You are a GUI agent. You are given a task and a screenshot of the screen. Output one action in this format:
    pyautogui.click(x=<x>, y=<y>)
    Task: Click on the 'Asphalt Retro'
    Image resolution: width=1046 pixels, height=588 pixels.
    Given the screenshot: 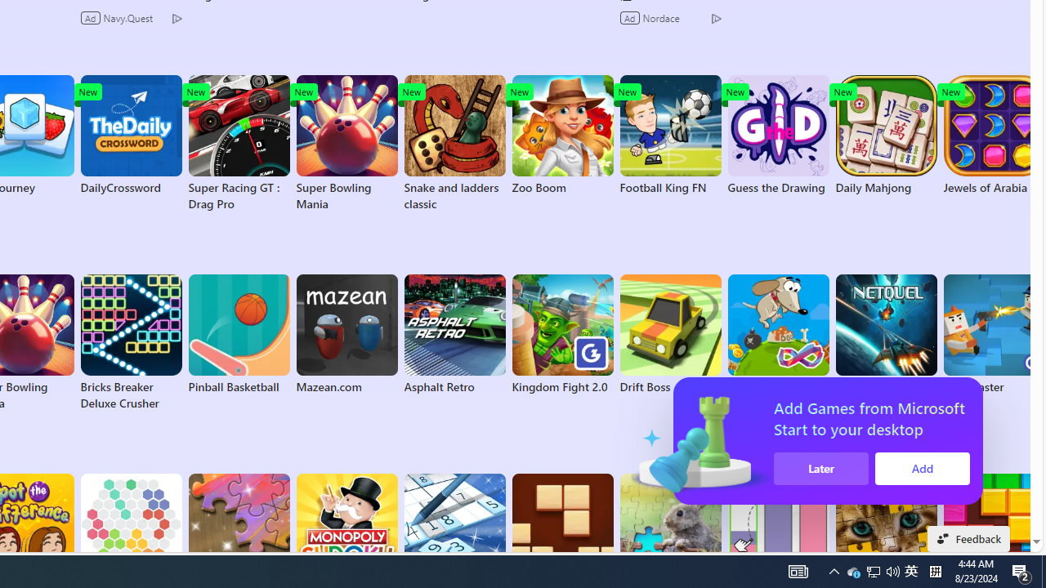 What is the action you would take?
    pyautogui.click(x=454, y=334)
    